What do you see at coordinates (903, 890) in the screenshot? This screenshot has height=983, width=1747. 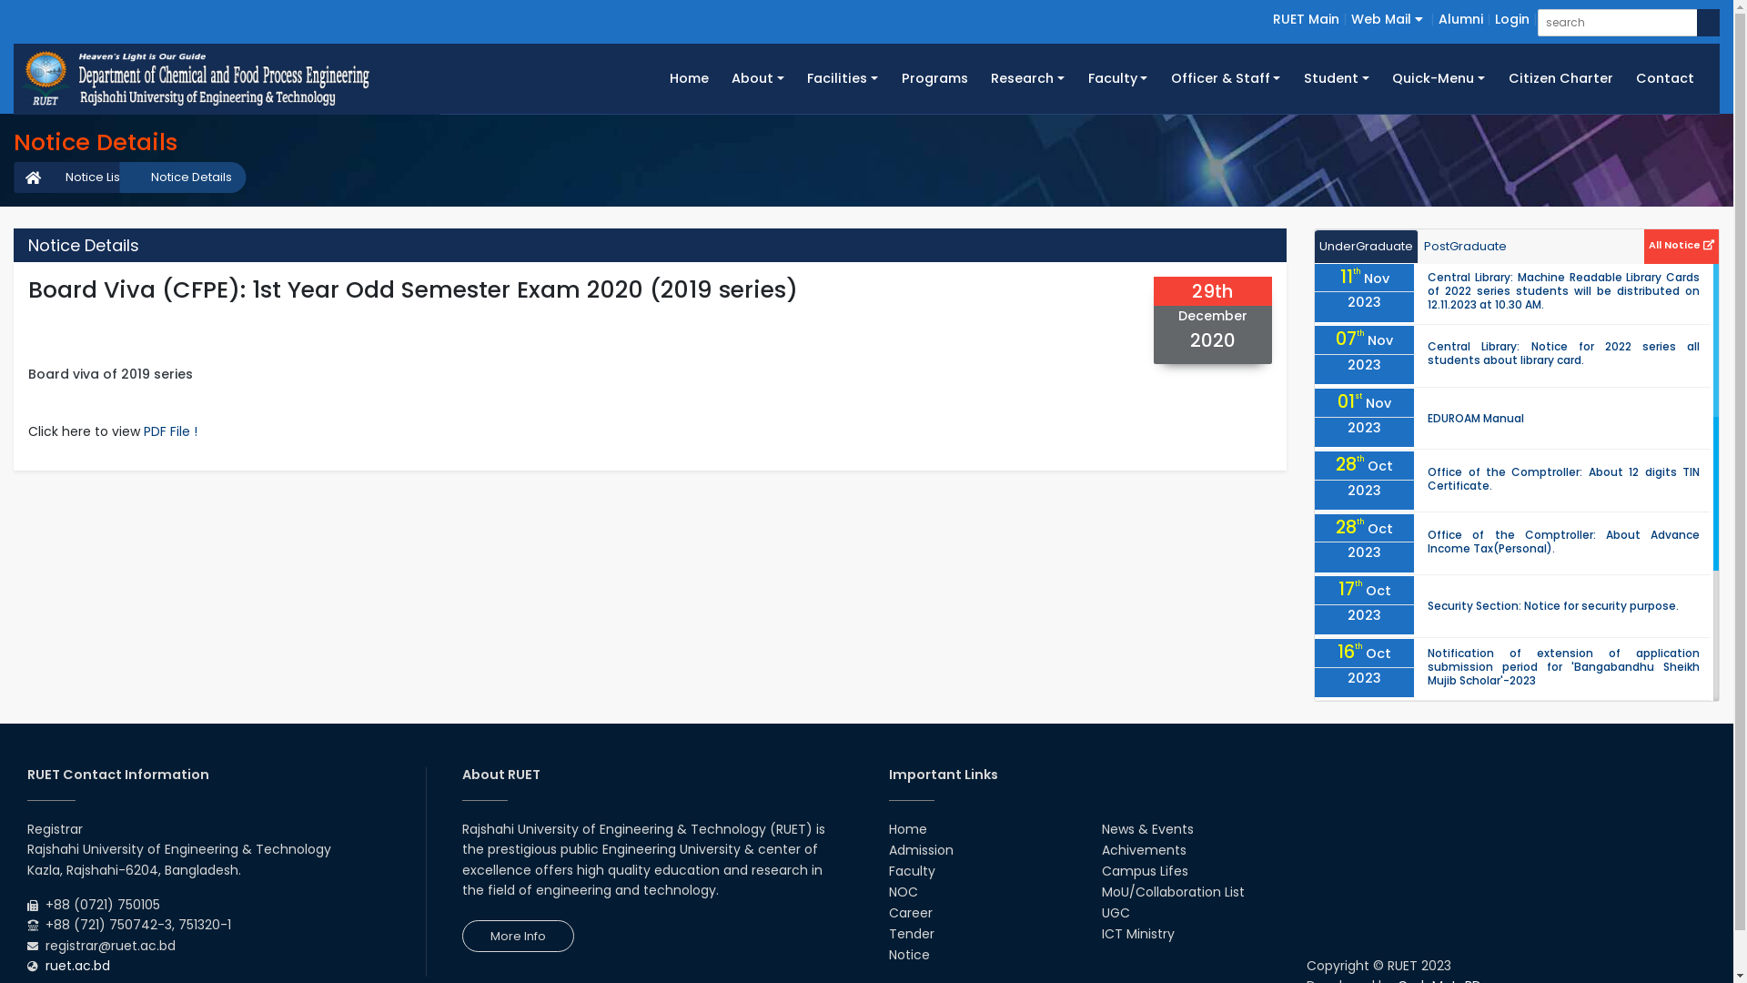 I see `'NOC'` at bounding box center [903, 890].